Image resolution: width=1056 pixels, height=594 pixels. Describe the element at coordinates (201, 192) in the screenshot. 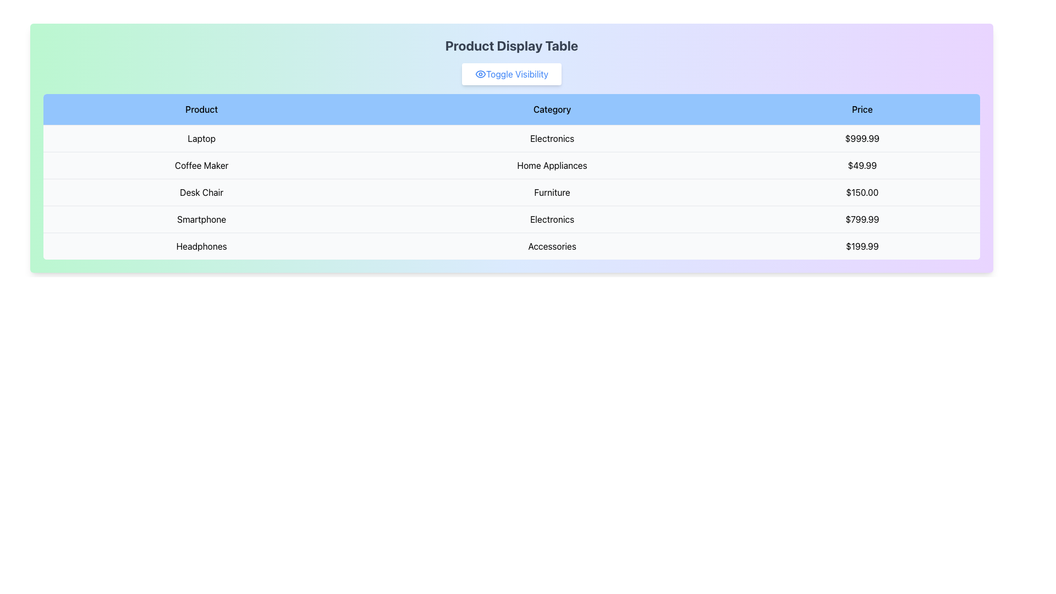

I see `the 'Desk Chair' text label` at that location.